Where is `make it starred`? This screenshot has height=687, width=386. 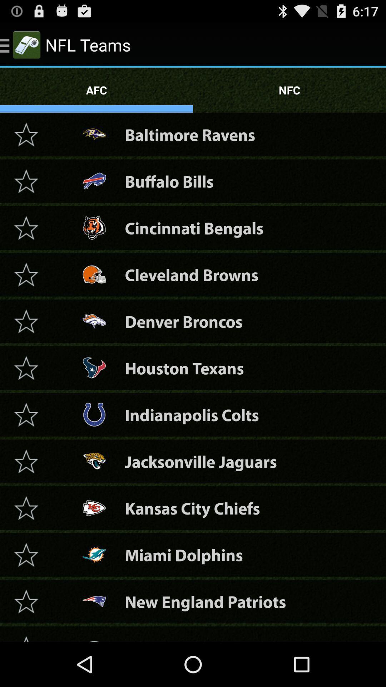 make it starred is located at coordinates (26, 601).